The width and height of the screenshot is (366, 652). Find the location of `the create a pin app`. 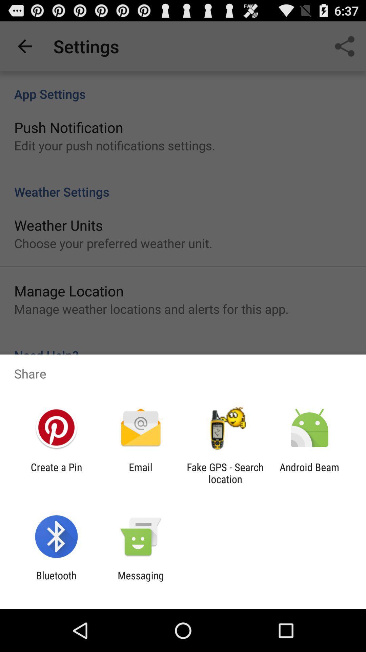

the create a pin app is located at coordinates (56, 473).